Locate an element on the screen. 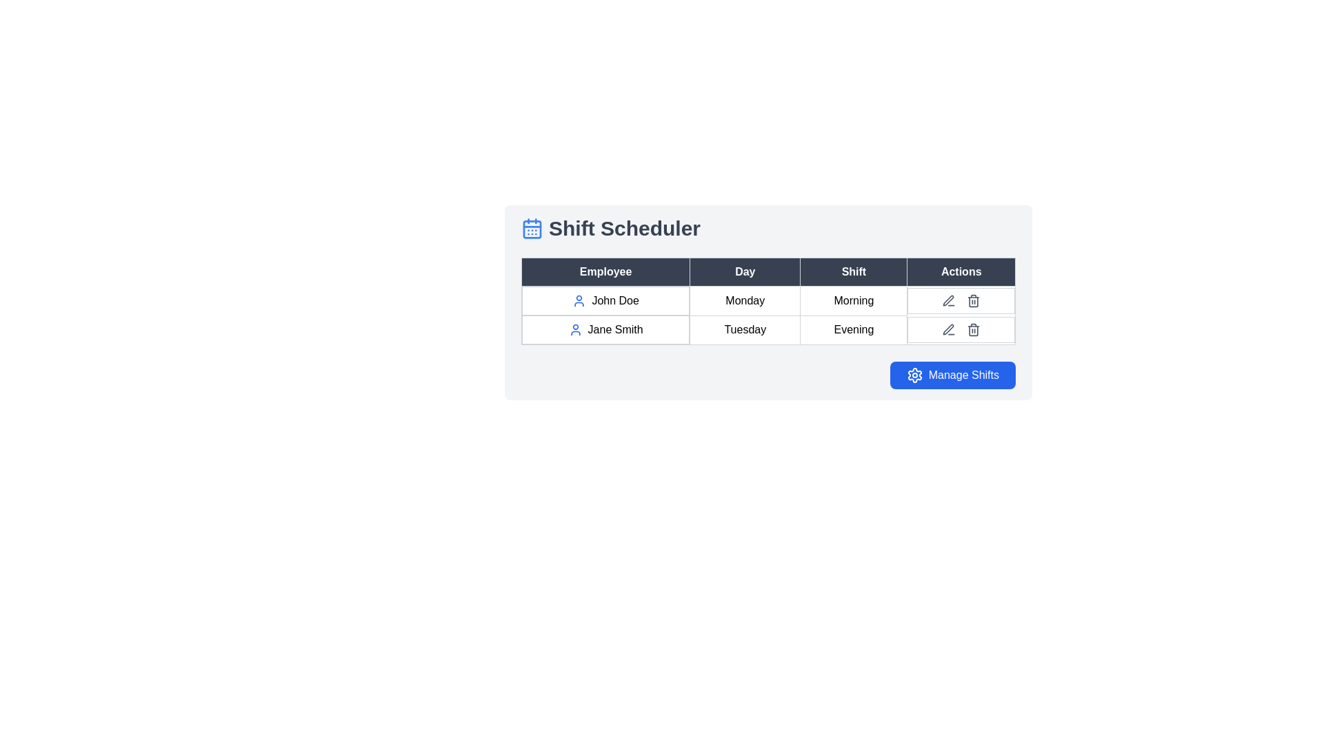 Image resolution: width=1324 pixels, height=744 pixels. the Table Cell displaying the name 'Jane Smith', which identifies an employee in the scheduler is located at coordinates (605, 329).